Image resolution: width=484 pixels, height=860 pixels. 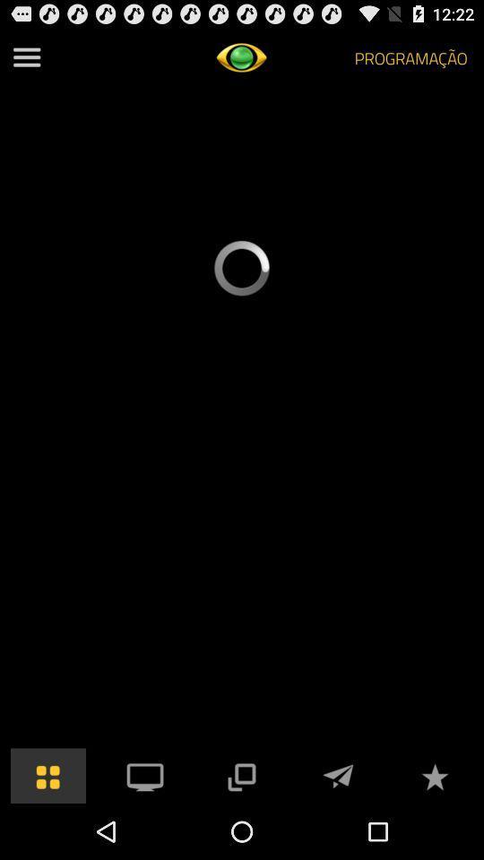 I want to click on arrow, so click(x=338, y=774).